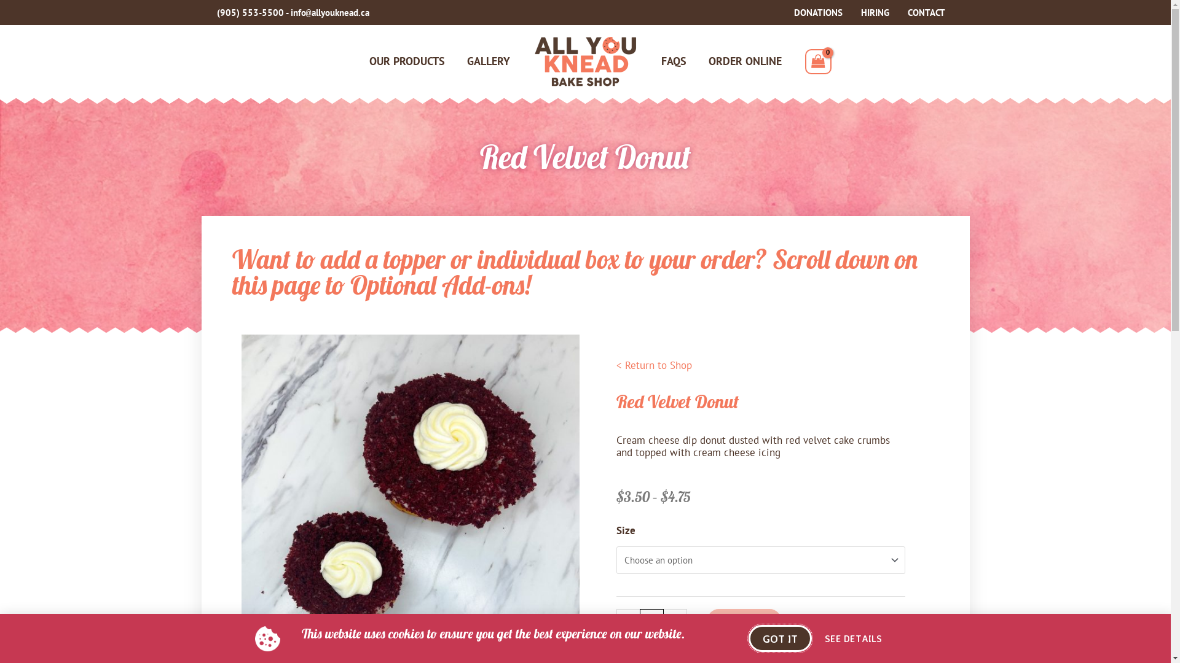  I want to click on 'DONATIONS', so click(817, 12).